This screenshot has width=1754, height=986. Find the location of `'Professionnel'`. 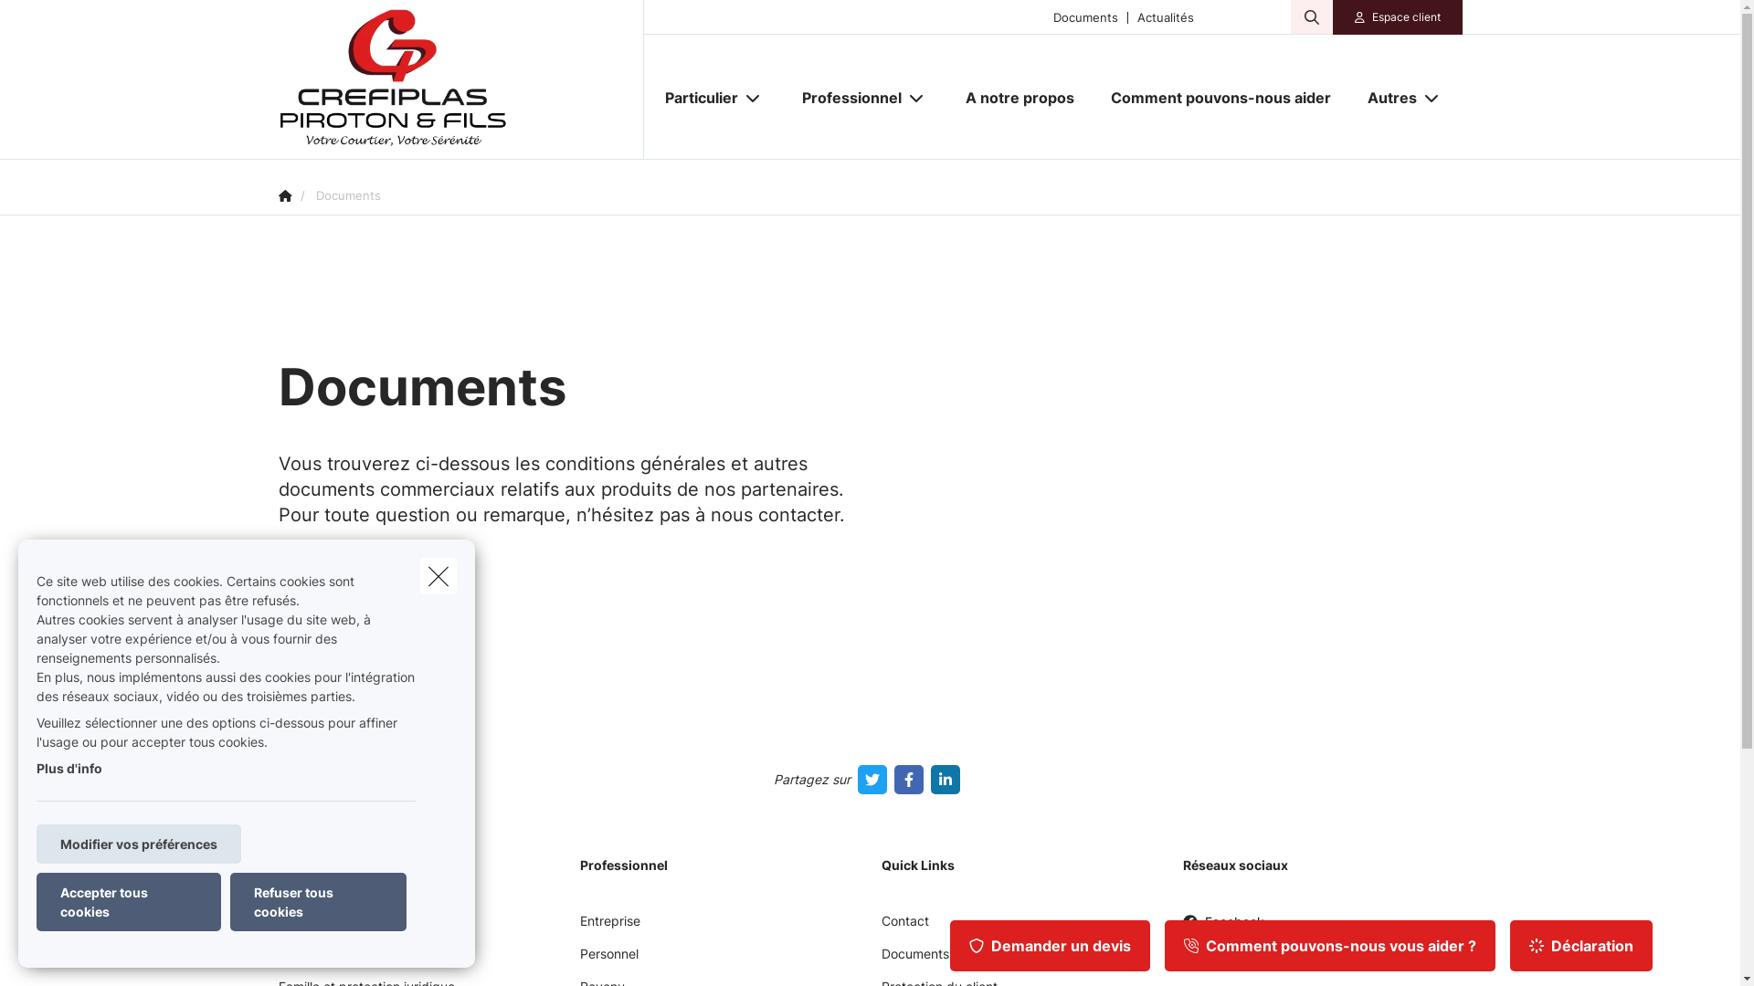

'Professionnel' is located at coordinates (784, 98).